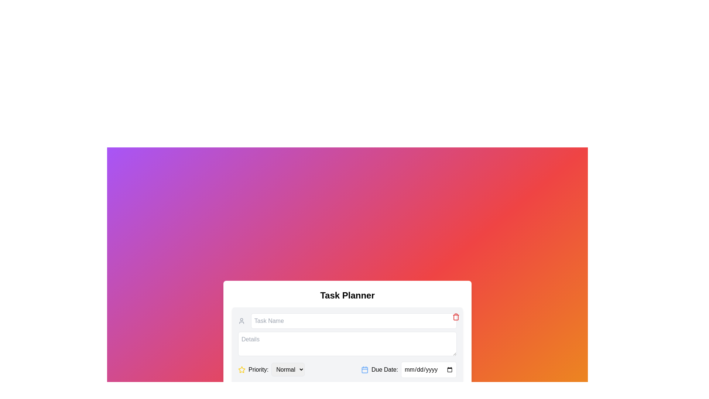 The height and width of the screenshot is (399, 709). I want to click on the dropdown menu for selecting a priority level, located to the right of the yellow star icon and the 'Priority:' label, so click(288, 369).